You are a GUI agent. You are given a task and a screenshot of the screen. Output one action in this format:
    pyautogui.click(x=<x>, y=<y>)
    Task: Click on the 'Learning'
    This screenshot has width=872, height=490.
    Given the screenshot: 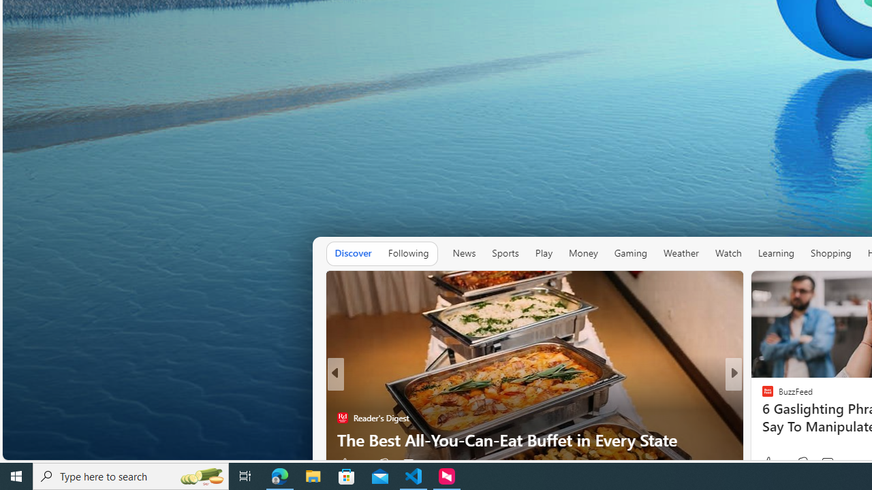 What is the action you would take?
    pyautogui.click(x=776, y=252)
    